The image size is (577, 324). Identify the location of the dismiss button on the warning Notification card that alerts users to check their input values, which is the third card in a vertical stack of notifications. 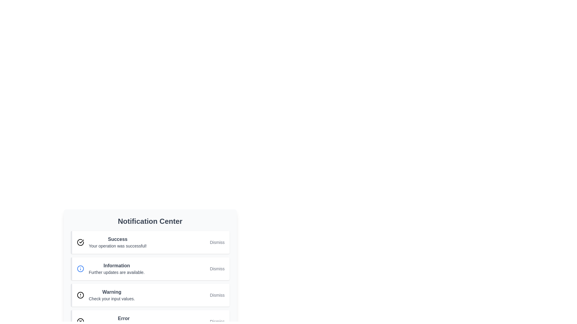
(150, 295).